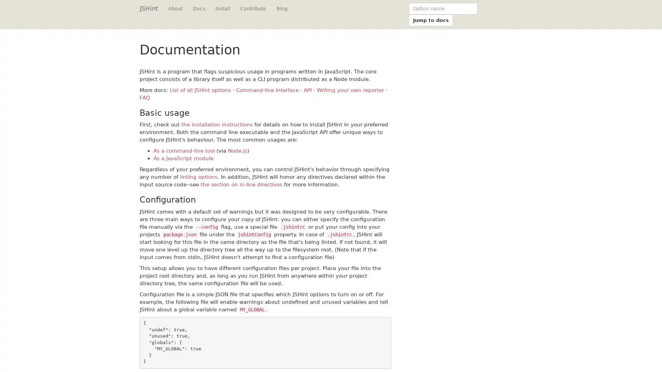  I want to click on Jump to docs, so click(430, 20).